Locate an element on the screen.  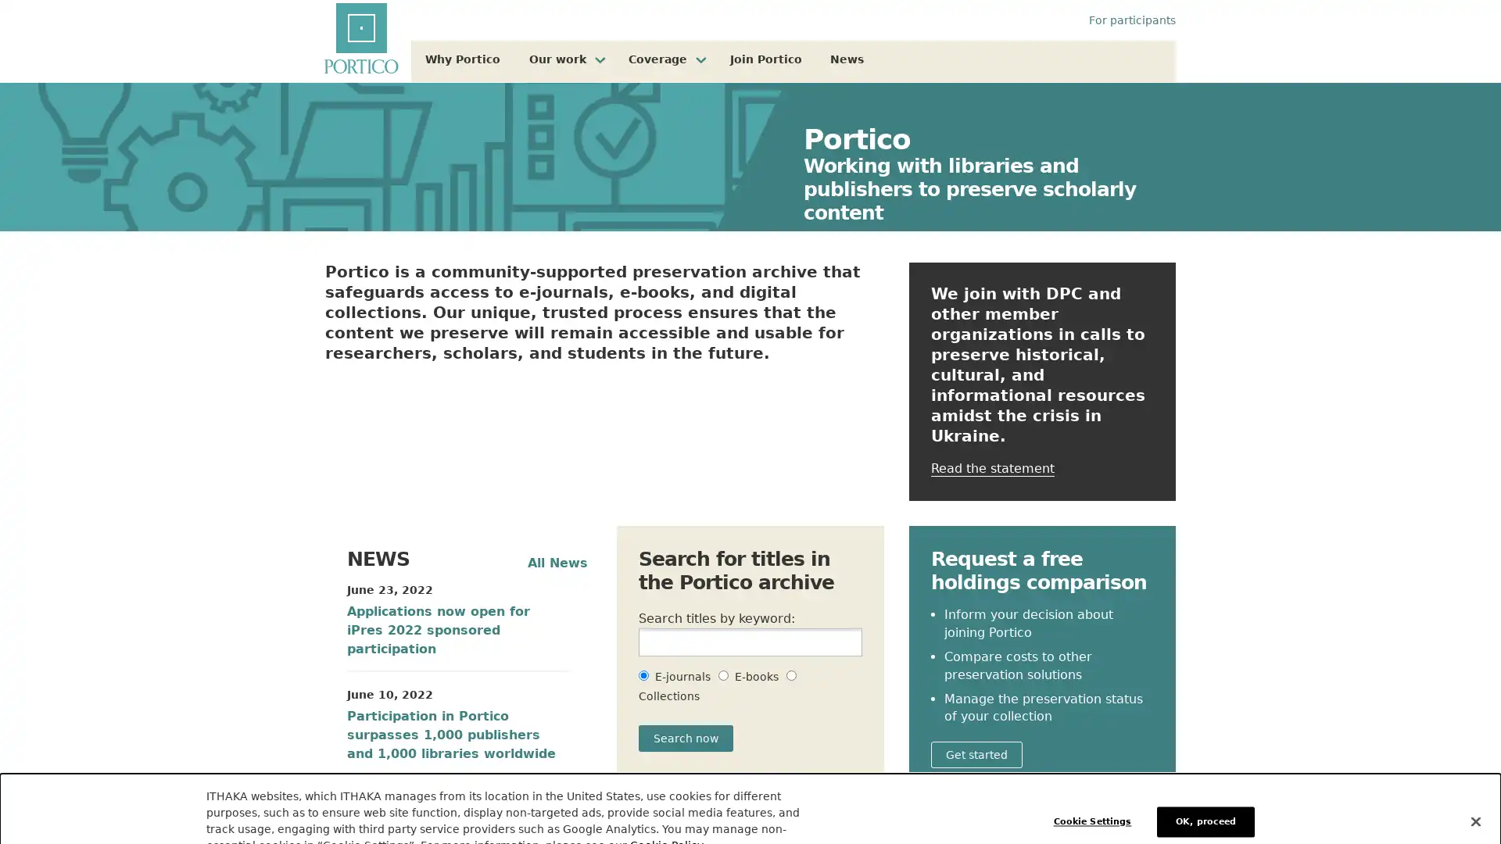
Close is located at coordinates (1474, 793).